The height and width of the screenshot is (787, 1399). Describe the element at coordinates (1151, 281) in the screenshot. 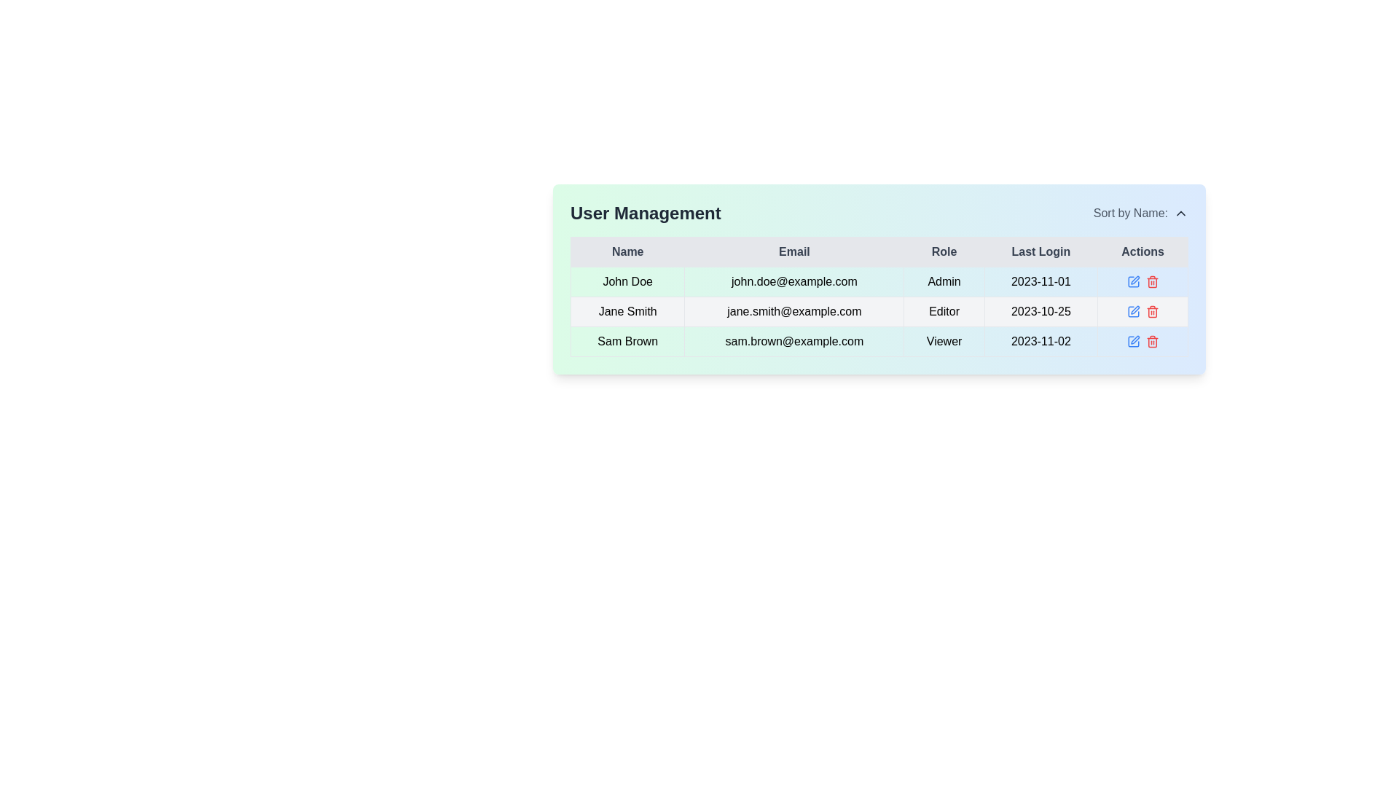

I see `the delete button located in the 'Actions' column of the second row of the table to possibly display a tooltip` at that location.